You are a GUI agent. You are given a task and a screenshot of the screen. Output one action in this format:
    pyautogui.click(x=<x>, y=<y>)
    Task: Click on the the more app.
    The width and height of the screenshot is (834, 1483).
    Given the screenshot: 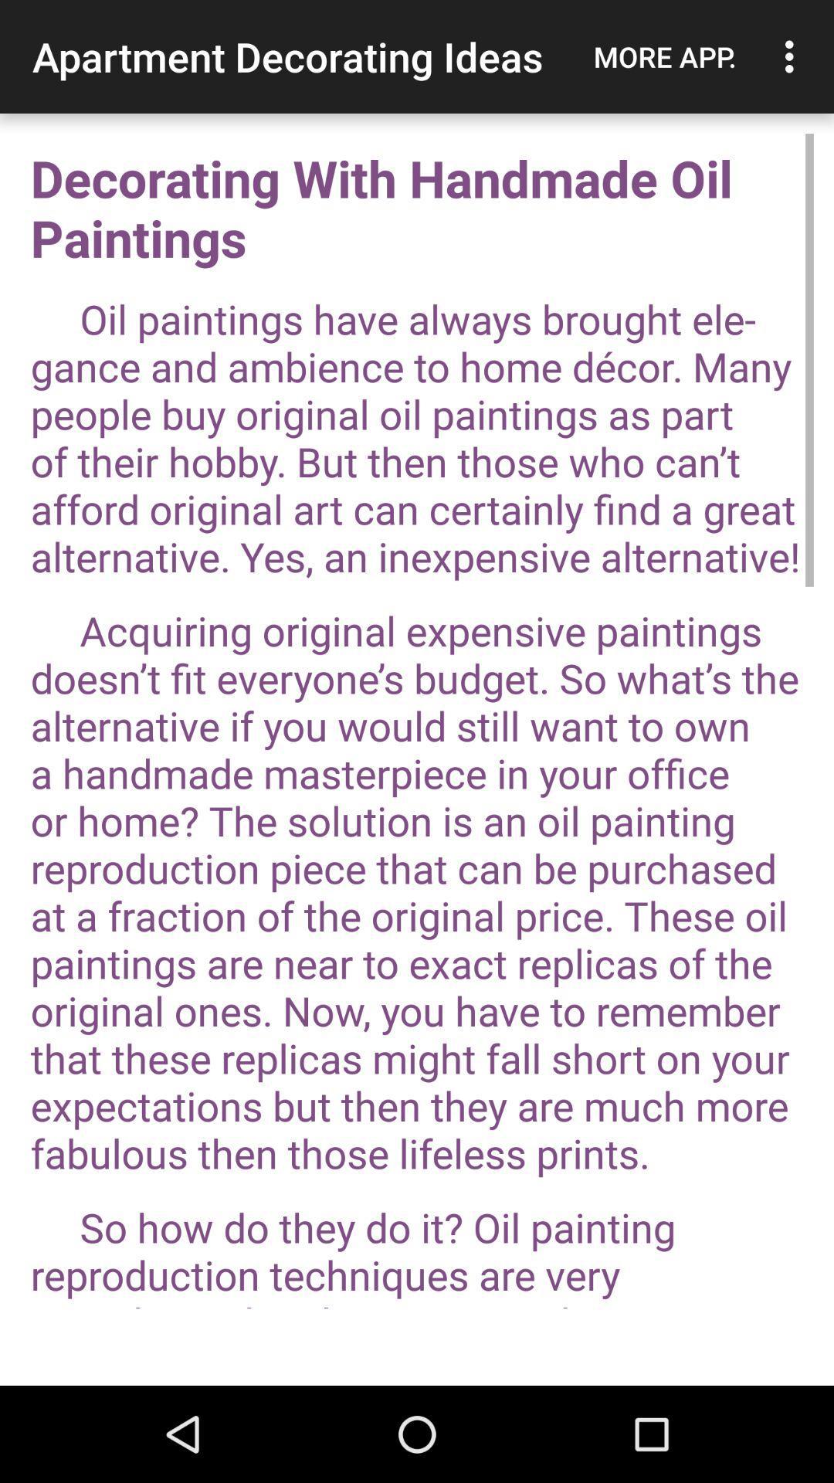 What is the action you would take?
    pyautogui.click(x=664, y=56)
    